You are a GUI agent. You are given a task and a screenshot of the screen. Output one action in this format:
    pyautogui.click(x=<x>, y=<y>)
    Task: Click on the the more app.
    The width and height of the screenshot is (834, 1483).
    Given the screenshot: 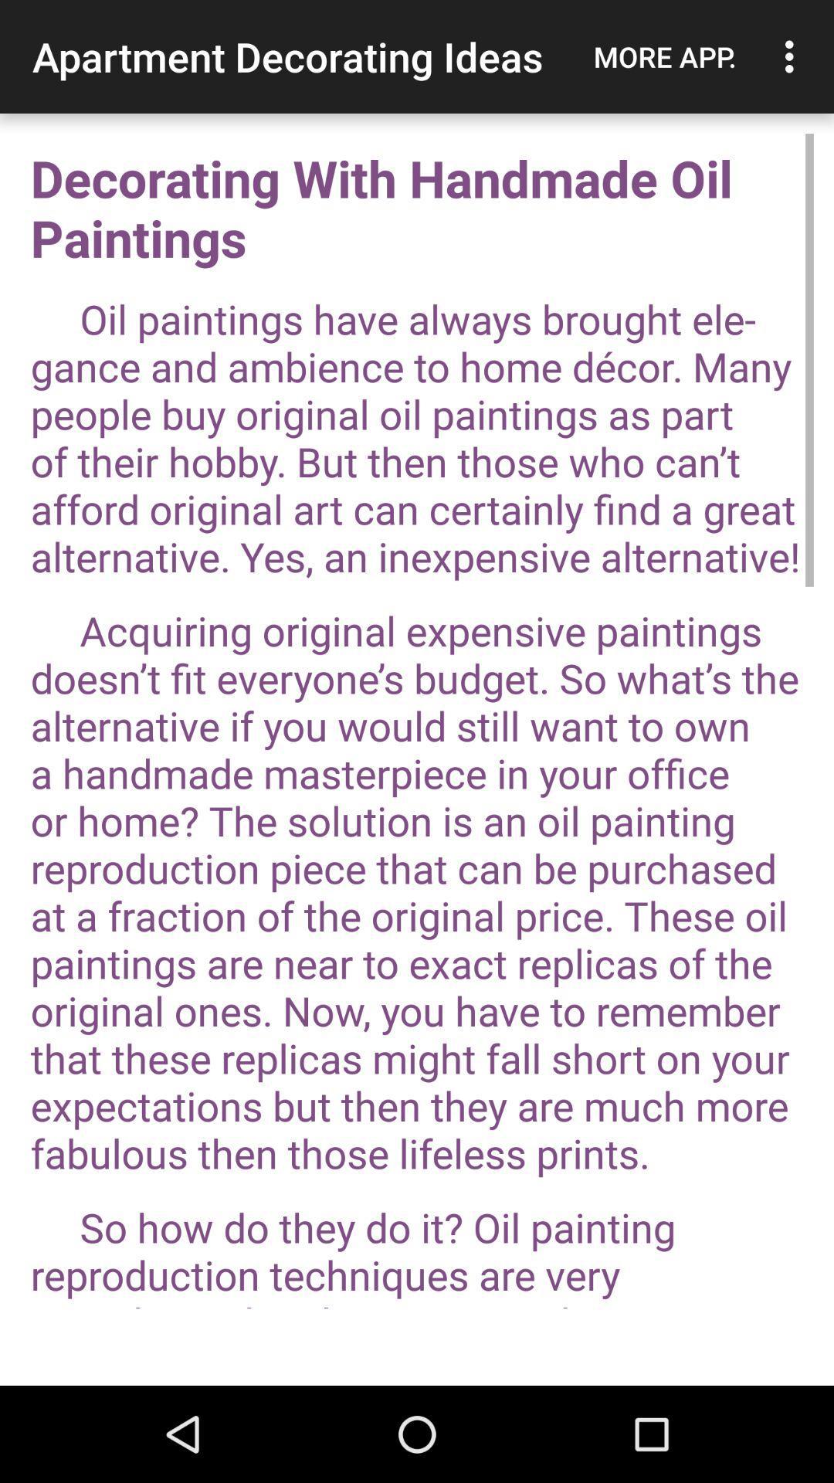 What is the action you would take?
    pyautogui.click(x=664, y=56)
    